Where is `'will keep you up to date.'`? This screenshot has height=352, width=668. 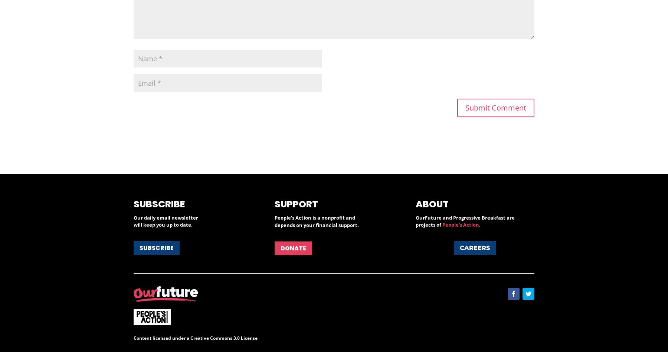 'will keep you up to date.' is located at coordinates (163, 224).